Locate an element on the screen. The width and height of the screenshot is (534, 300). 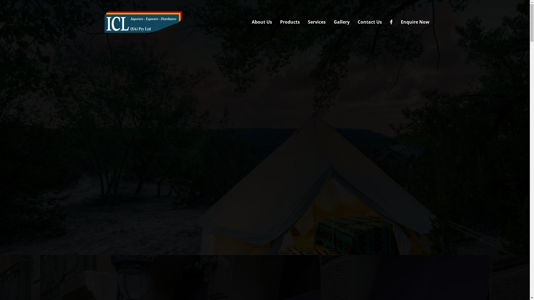
'Contact Us' is located at coordinates (370, 21).